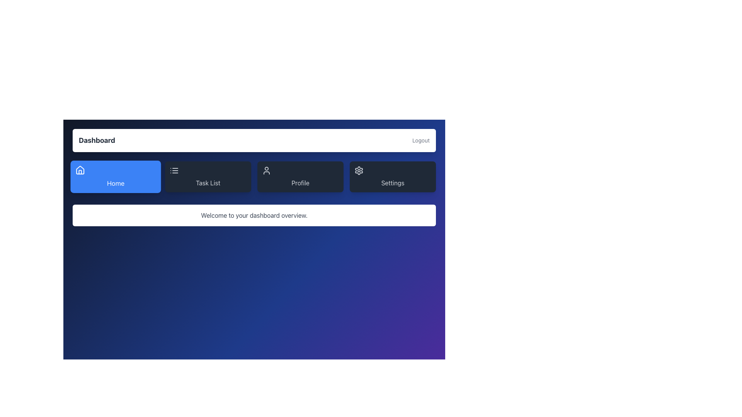  What do you see at coordinates (174, 170) in the screenshot?
I see `the icon resembling a list or menu, which is the second icon in the horizontal navigation bar below the header, located inside the 'Task List' button` at bounding box center [174, 170].